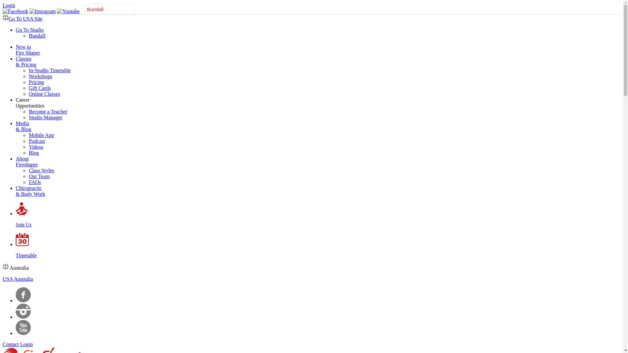 This screenshot has height=353, width=628. Describe the element at coordinates (39, 176) in the screenshot. I see `'Our Team'` at that location.